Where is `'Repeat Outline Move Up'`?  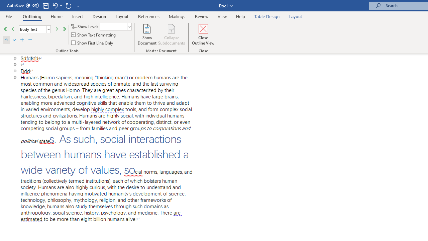 'Repeat Outline Move Up' is located at coordinates (68, 5).